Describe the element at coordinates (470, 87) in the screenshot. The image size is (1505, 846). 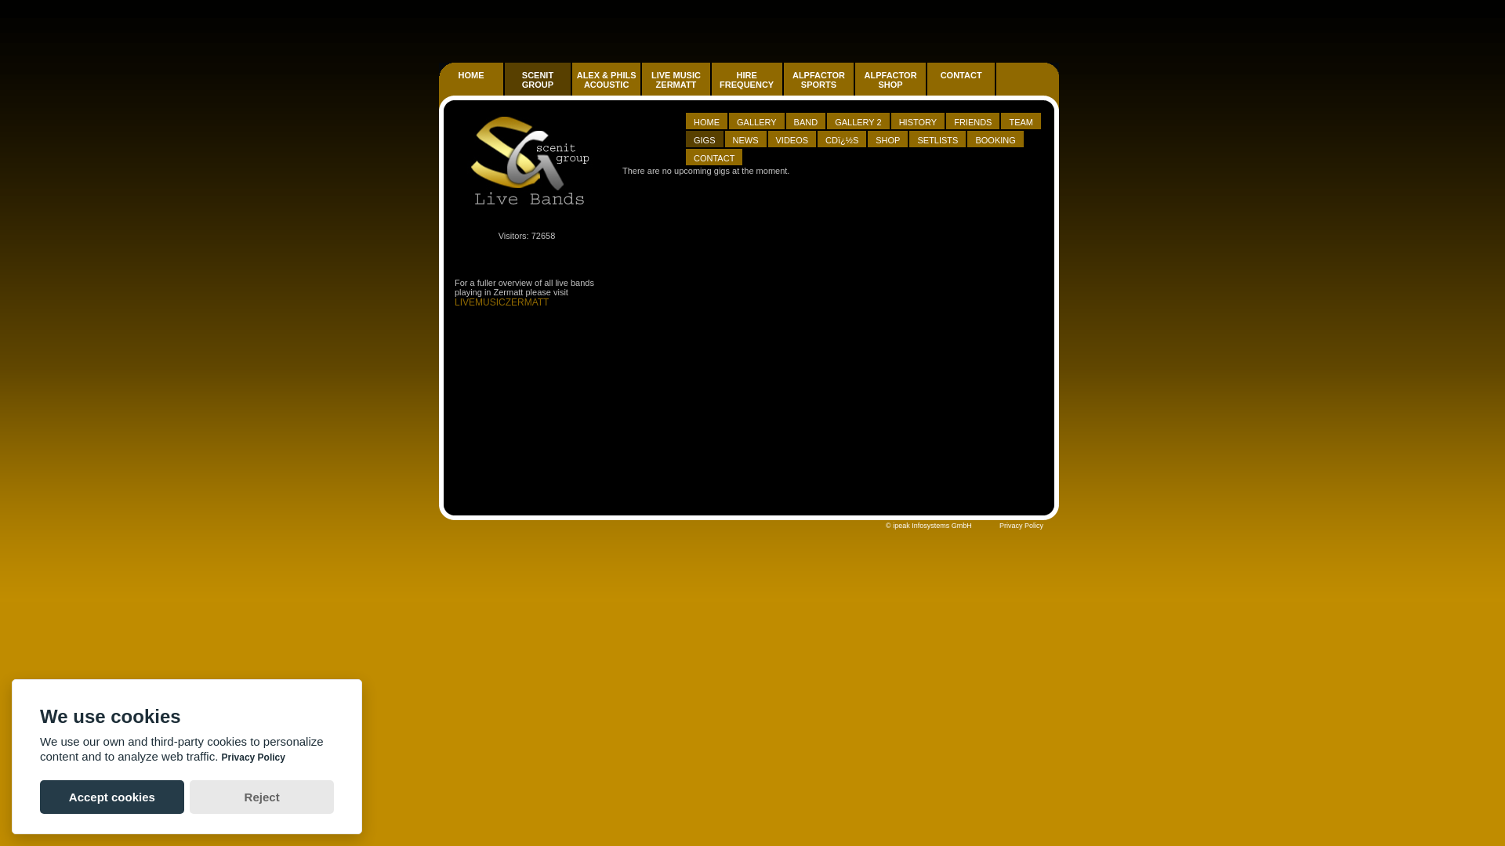
I see `'HOME'` at that location.